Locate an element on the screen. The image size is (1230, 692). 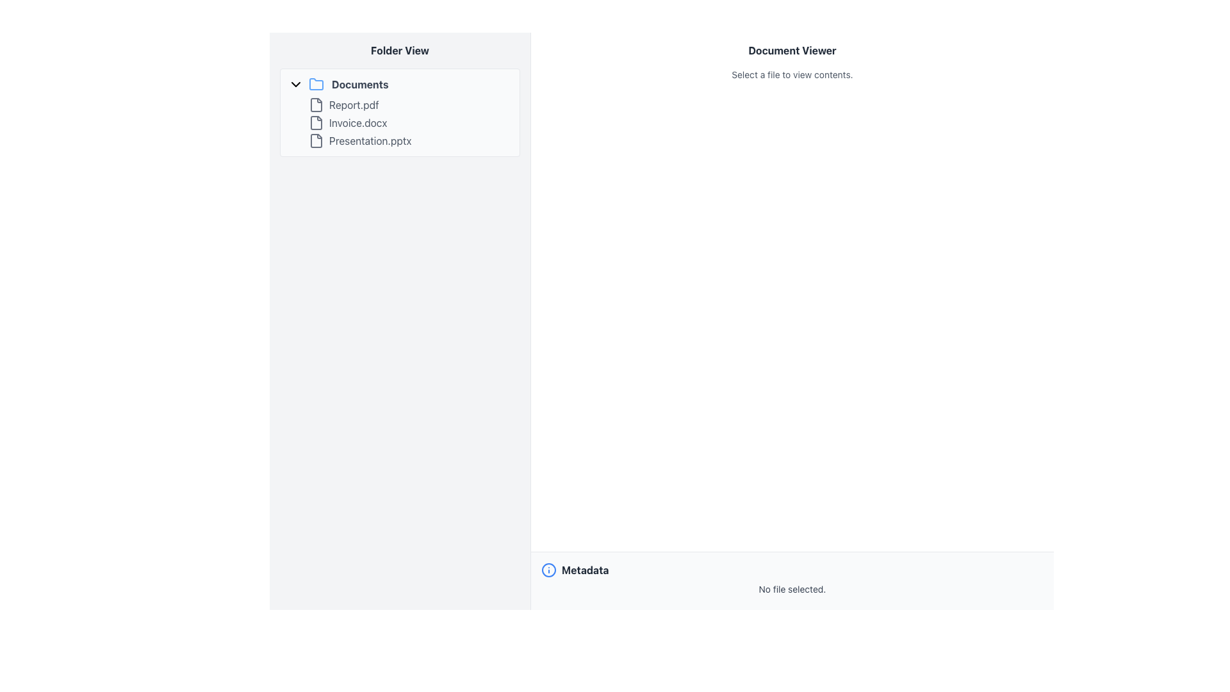
the folder icon with a blue outline representing the 'Documents' folder in the 'Folder View' UI grouping is located at coordinates (316, 84).